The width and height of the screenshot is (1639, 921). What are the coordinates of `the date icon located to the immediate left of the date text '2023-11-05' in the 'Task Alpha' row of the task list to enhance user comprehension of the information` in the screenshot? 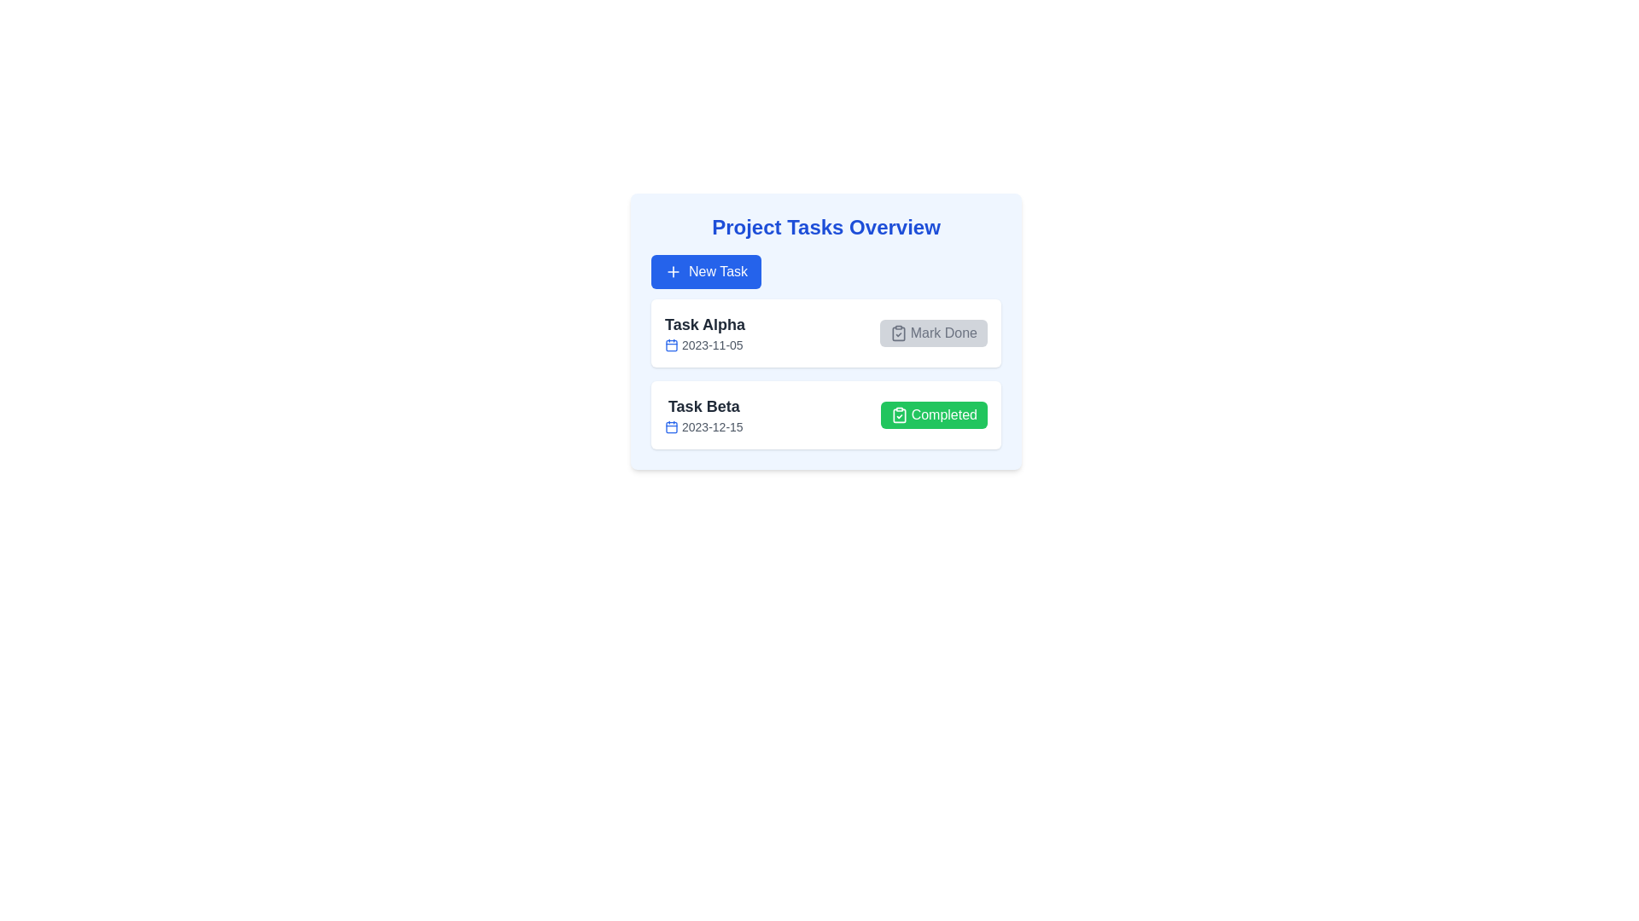 It's located at (671, 345).